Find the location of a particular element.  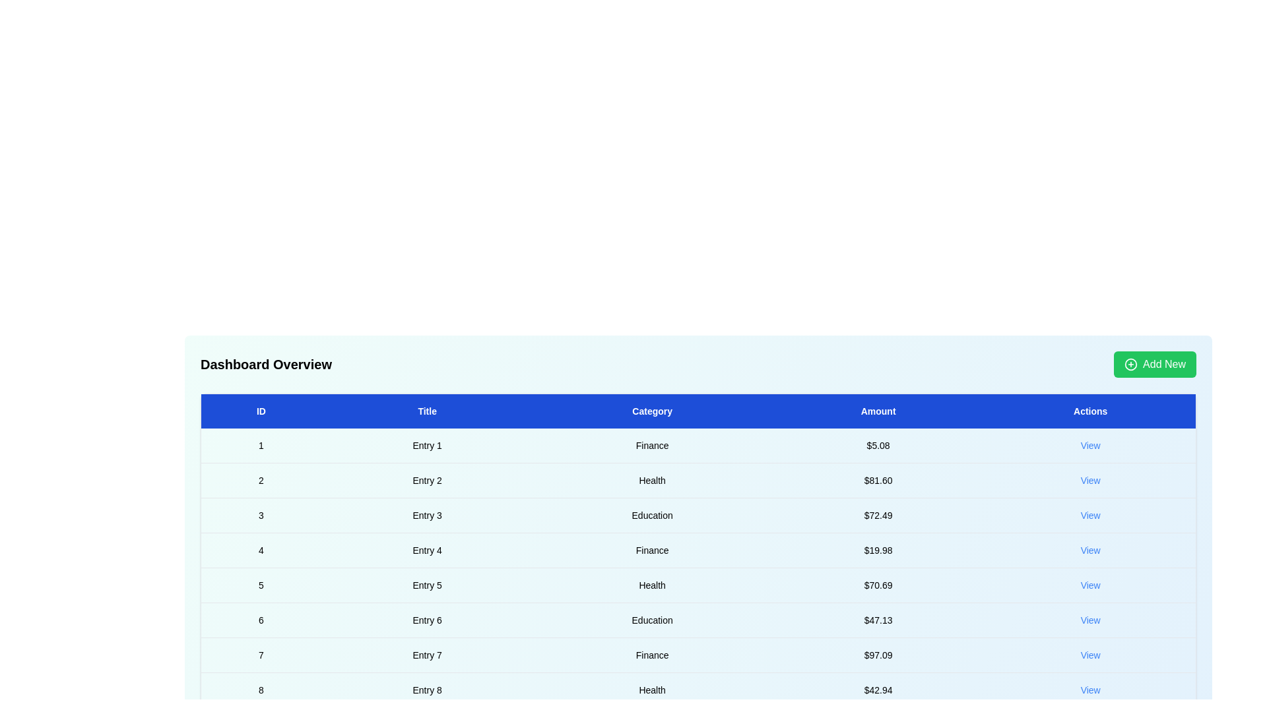

the header Amount to sort the table is located at coordinates (878, 411).